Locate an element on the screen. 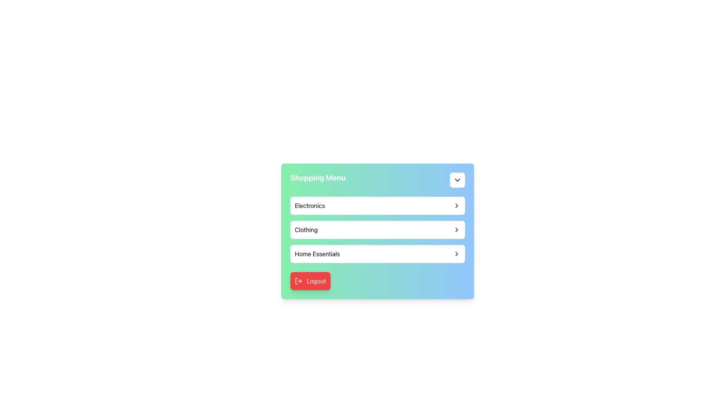  the navigation button for electronics located below 'Shopping Menu' is located at coordinates (378, 206).